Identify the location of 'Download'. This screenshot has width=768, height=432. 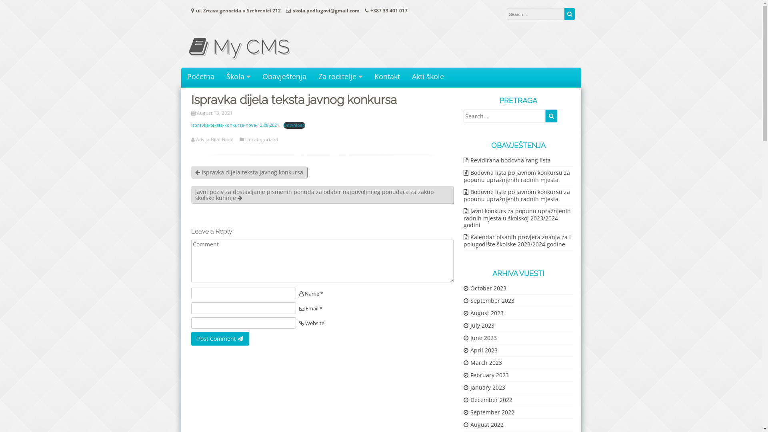
(284, 125).